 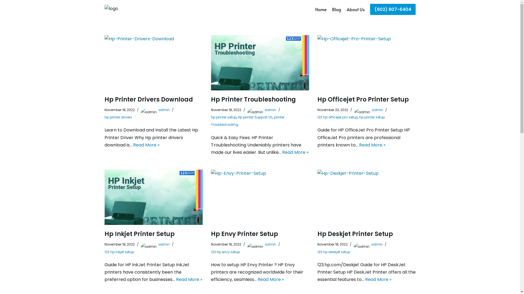 I want to click on 'Skip to content', so click(x=0, y=11).